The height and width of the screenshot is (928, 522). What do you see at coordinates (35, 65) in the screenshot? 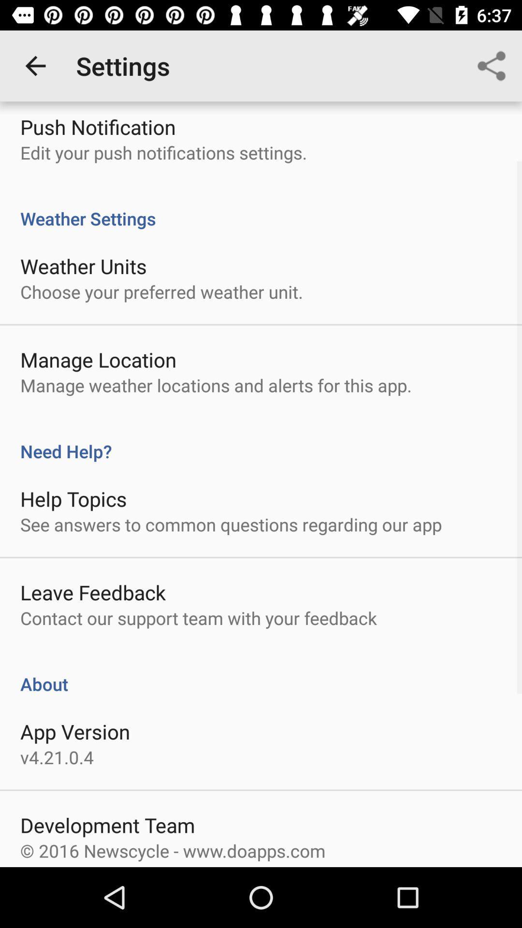
I see `item above the push notification item` at bounding box center [35, 65].